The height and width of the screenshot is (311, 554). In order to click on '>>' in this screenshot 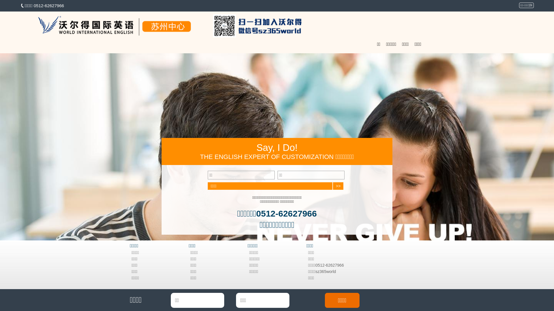, I will do `click(338, 186)`.